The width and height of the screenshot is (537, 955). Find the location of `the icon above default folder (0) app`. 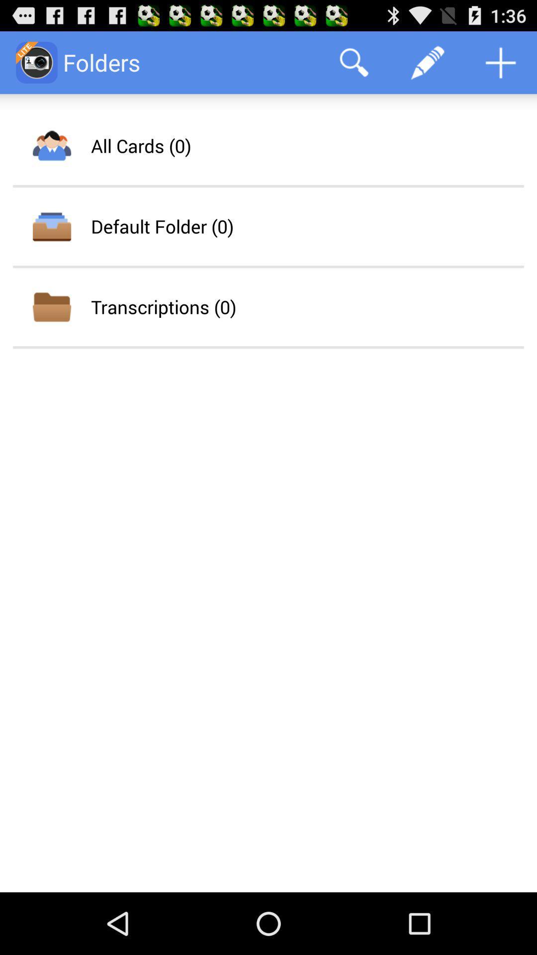

the icon above default folder (0) app is located at coordinates (141, 145).